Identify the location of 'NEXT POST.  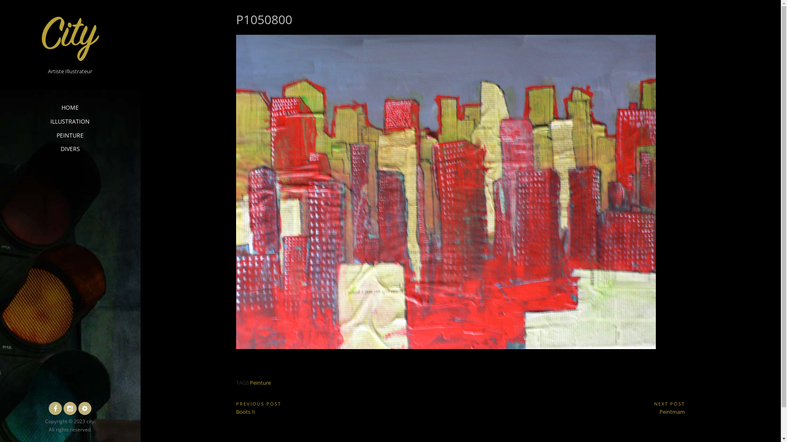
(572, 408).